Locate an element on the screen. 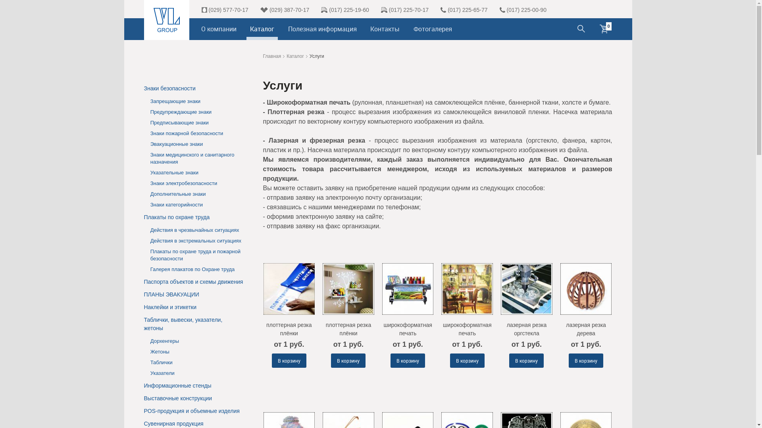 The width and height of the screenshot is (762, 428). 'VL Group' is located at coordinates (153, 19).